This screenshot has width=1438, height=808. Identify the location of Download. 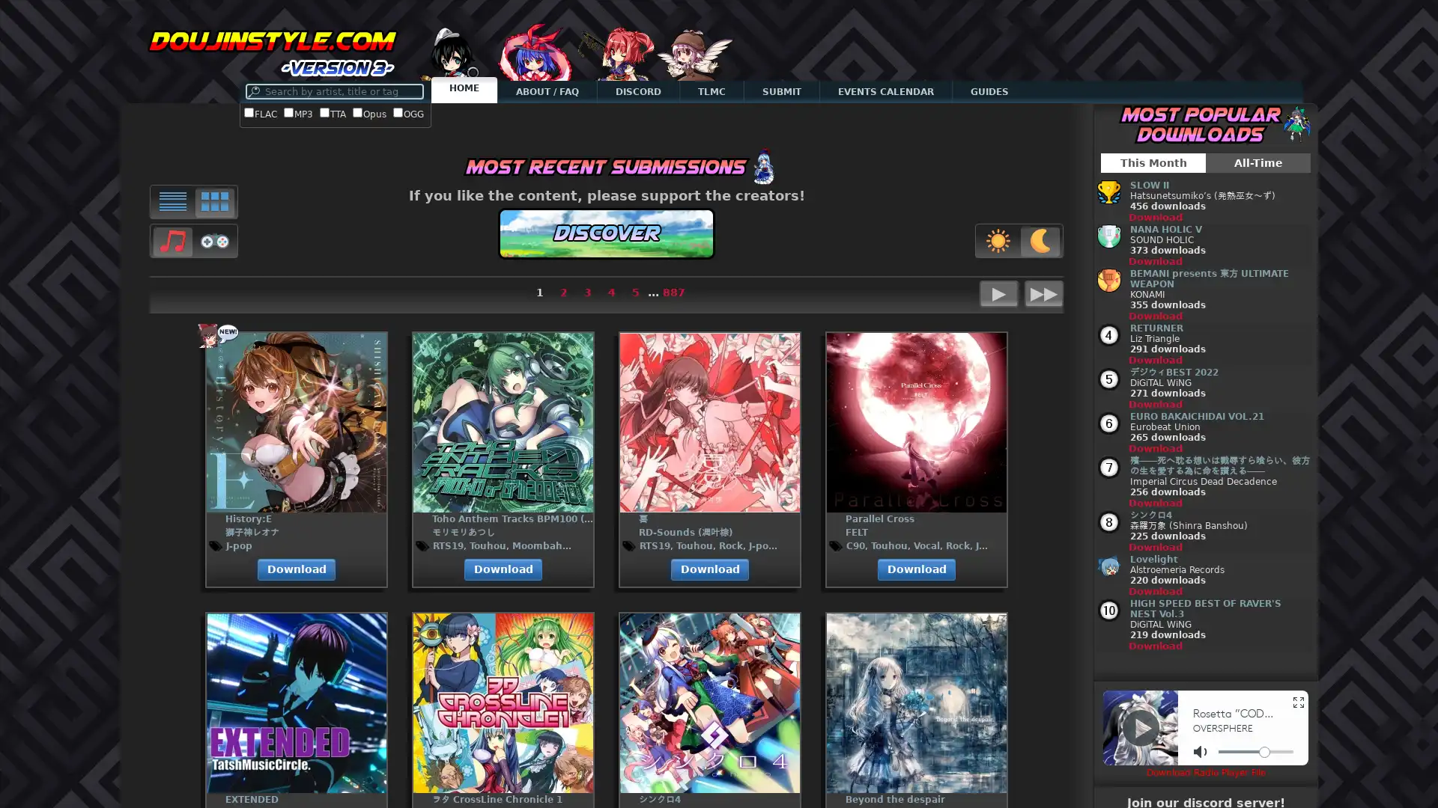
(1154, 217).